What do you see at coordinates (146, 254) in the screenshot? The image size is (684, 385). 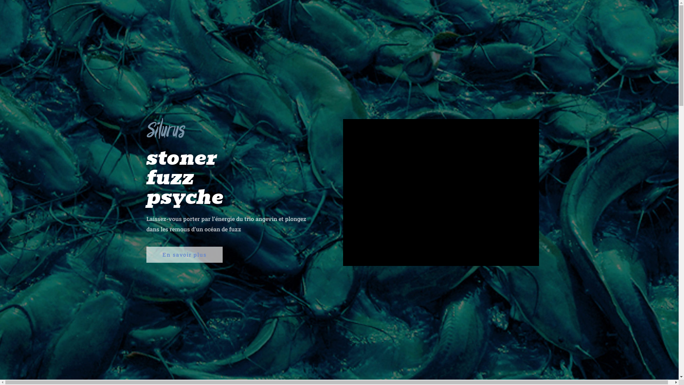 I see `'En savoir plus'` at bounding box center [146, 254].